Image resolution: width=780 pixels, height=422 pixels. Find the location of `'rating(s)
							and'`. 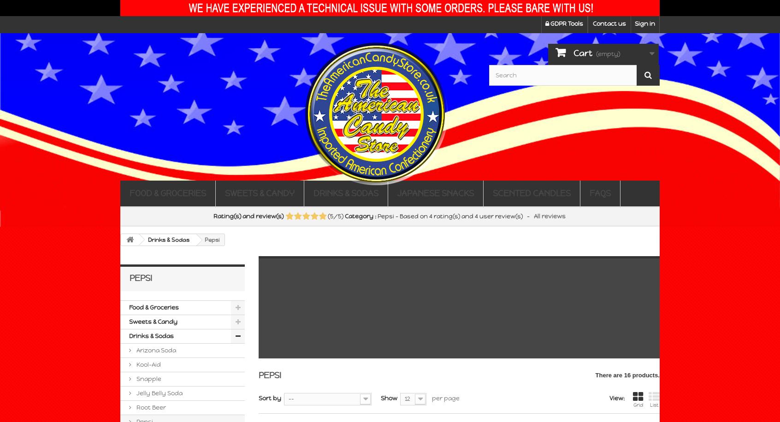

'rating(s)
							and' is located at coordinates (453, 216).